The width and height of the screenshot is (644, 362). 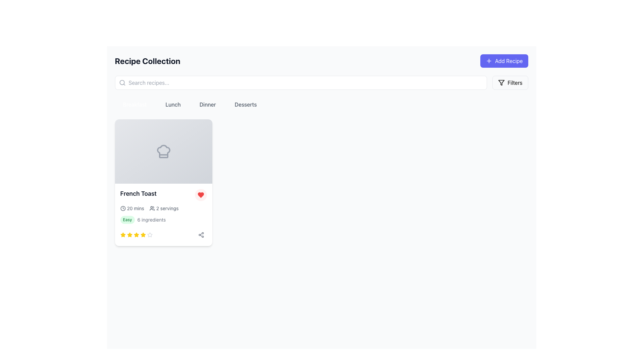 What do you see at coordinates (207, 105) in the screenshot?
I see `the 'Dinner' filter button, which is the third option in a horizontal grouping located beneath the page title, to change its background color to blue` at bounding box center [207, 105].